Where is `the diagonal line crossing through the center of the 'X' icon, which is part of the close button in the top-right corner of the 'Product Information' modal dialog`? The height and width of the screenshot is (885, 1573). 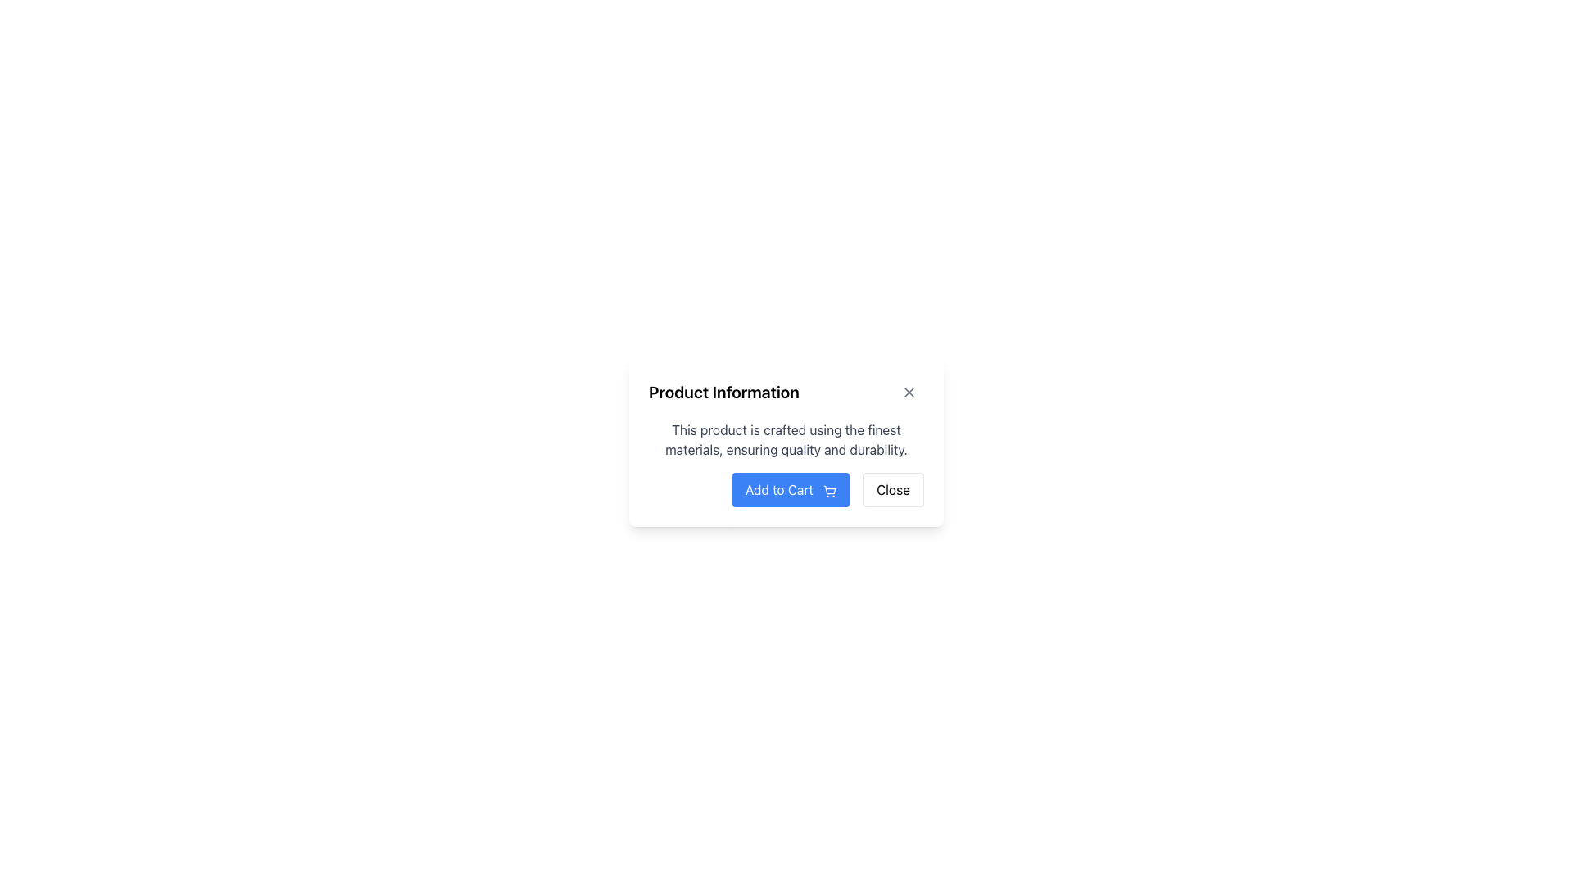 the diagonal line crossing through the center of the 'X' icon, which is part of the close button in the top-right corner of the 'Product Information' modal dialog is located at coordinates (908, 392).